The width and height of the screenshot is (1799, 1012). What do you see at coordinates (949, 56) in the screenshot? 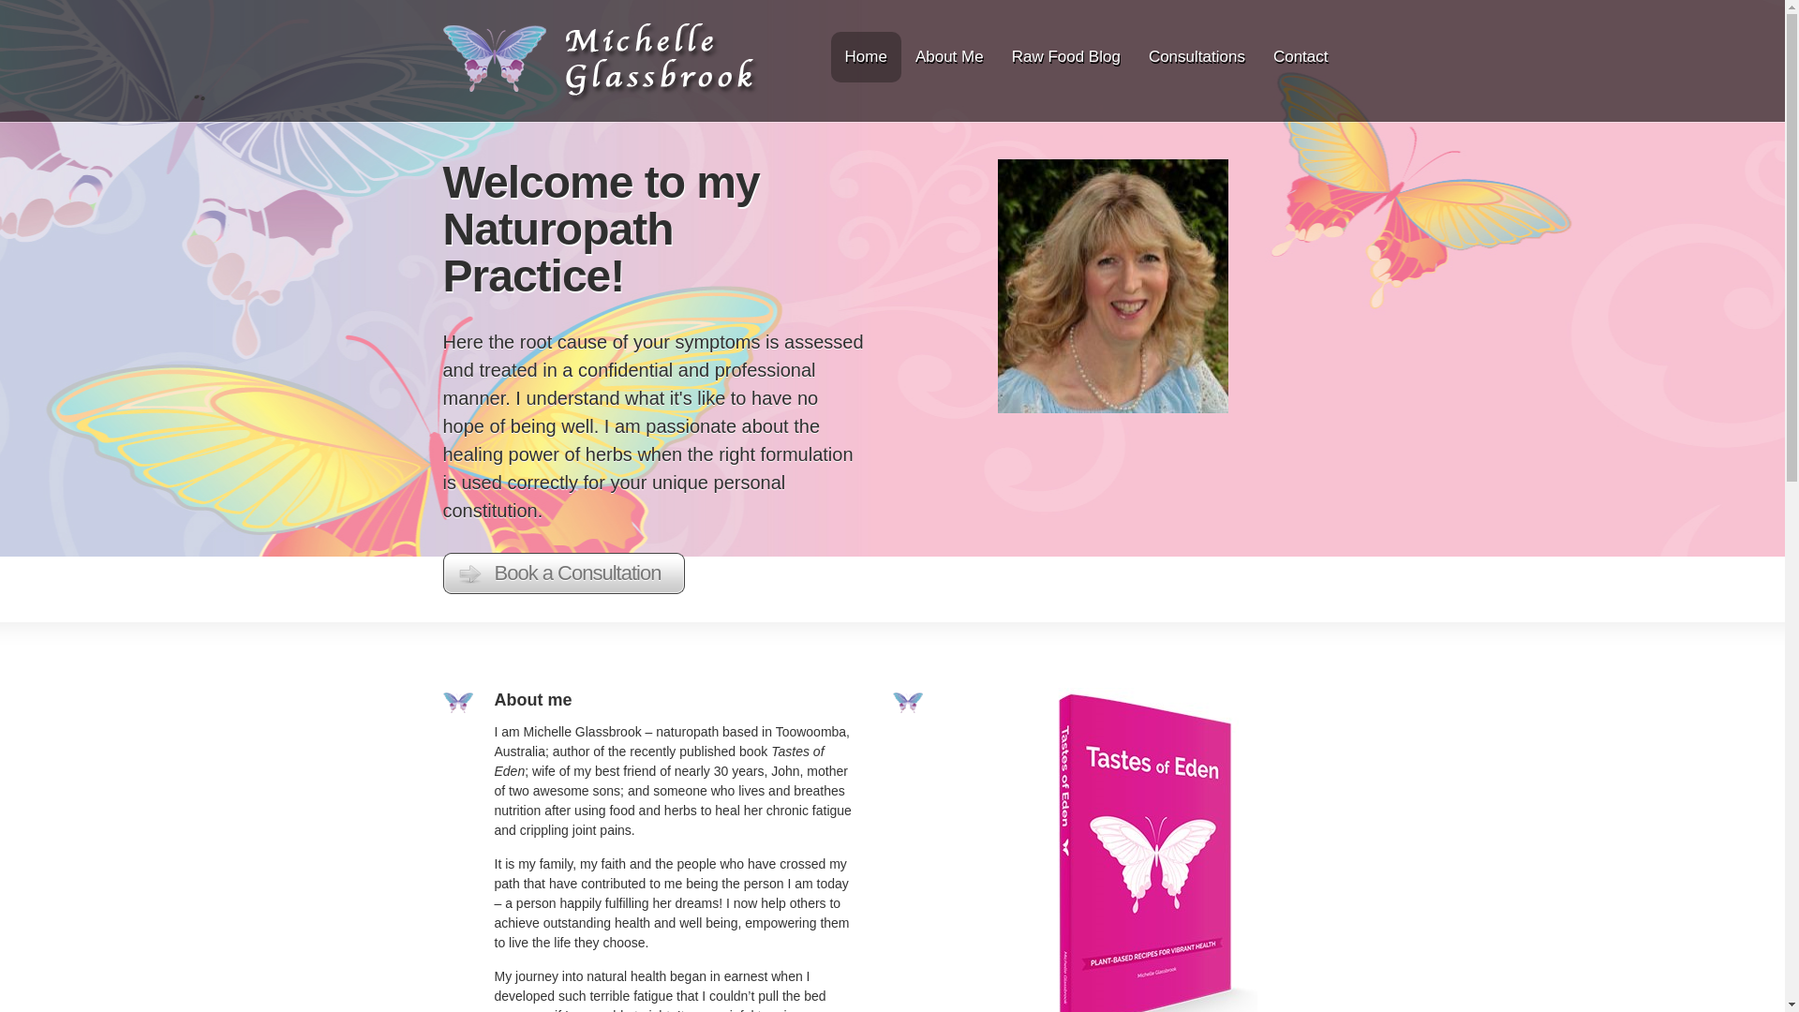
I see `'About Me'` at bounding box center [949, 56].